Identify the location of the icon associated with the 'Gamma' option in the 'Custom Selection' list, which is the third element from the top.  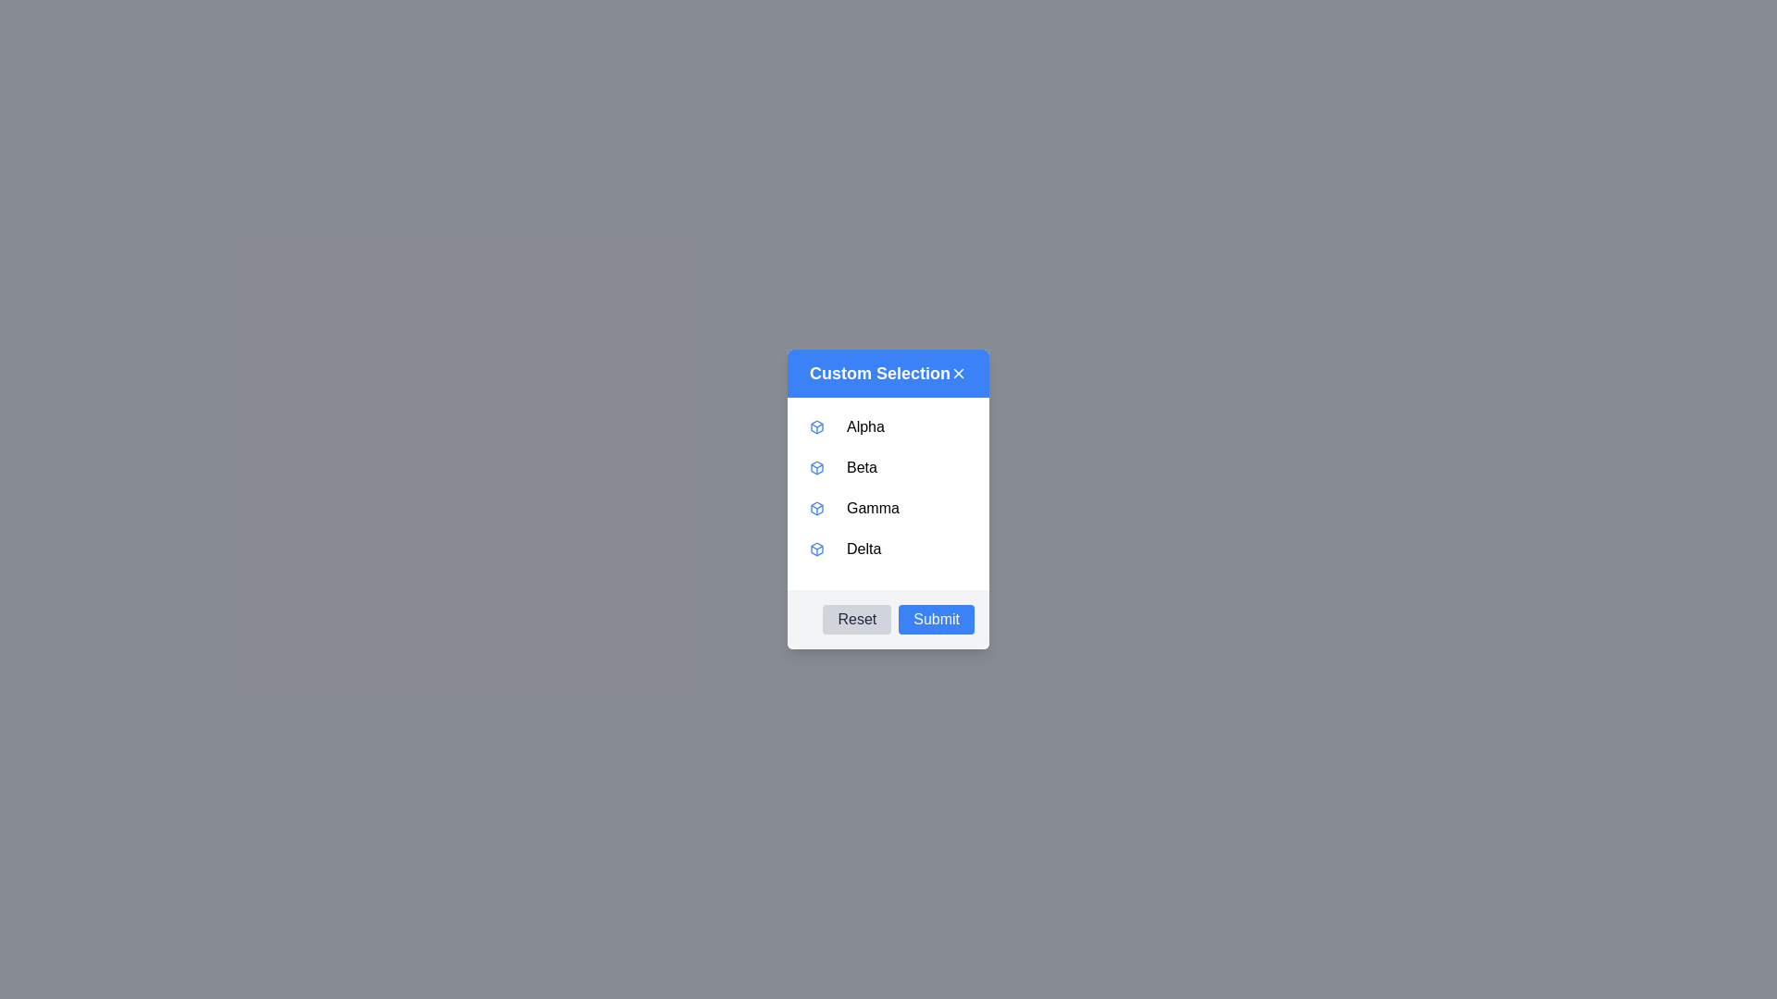
(816, 509).